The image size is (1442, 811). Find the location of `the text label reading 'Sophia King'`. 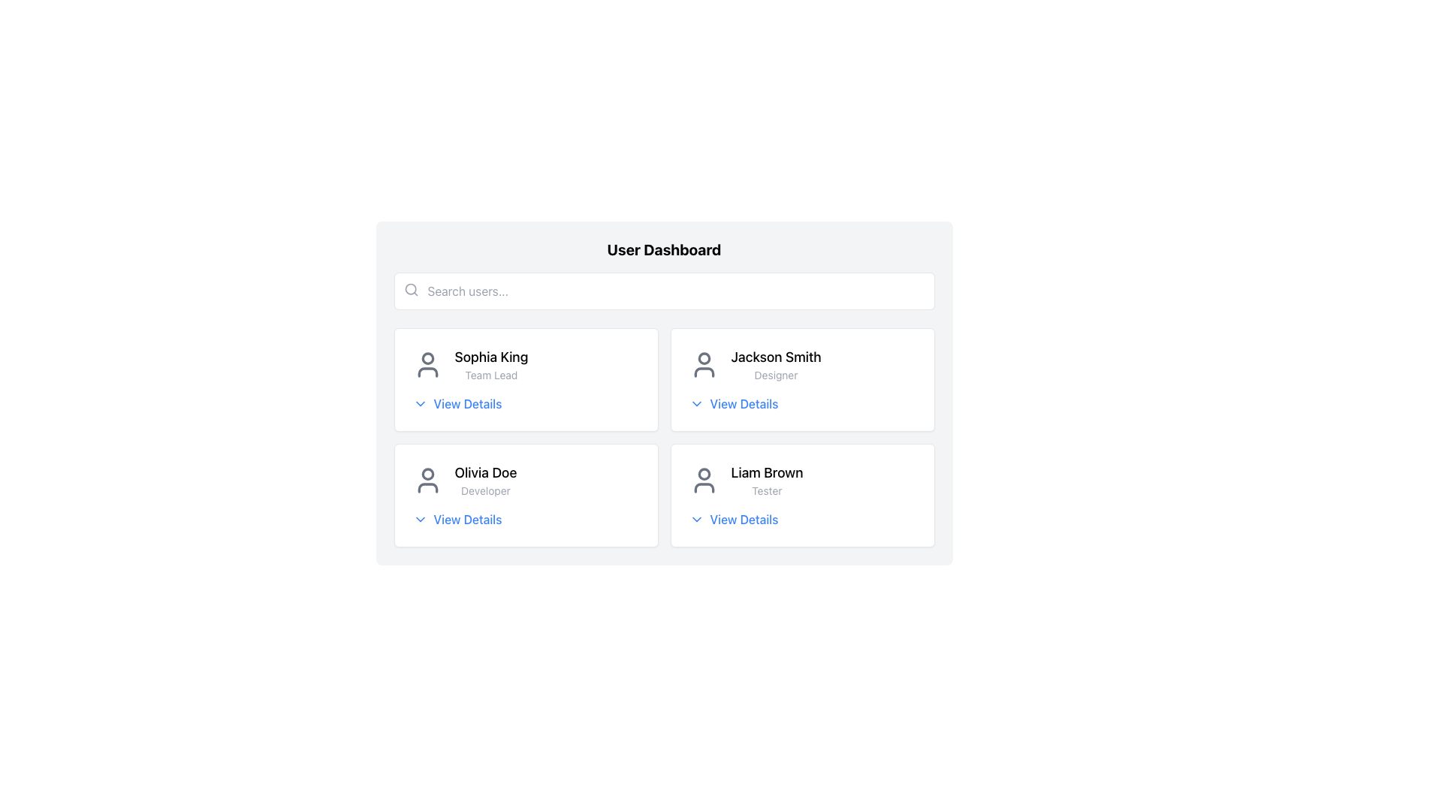

the text label reading 'Sophia King' is located at coordinates (491, 357).